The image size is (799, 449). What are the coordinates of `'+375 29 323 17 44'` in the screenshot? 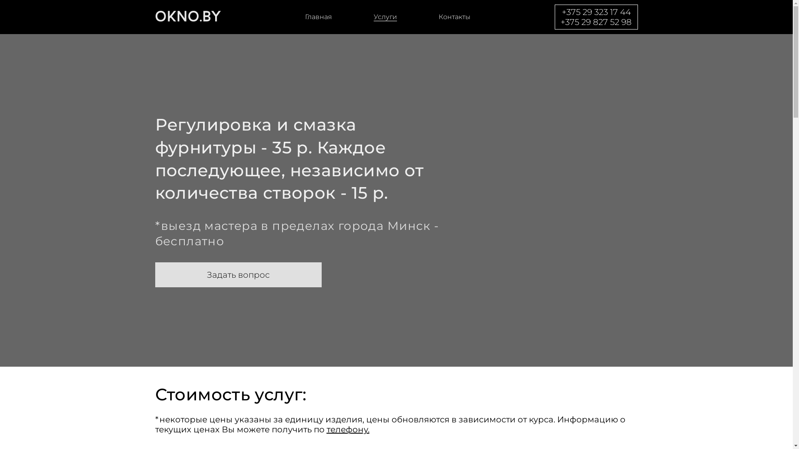 It's located at (561, 12).